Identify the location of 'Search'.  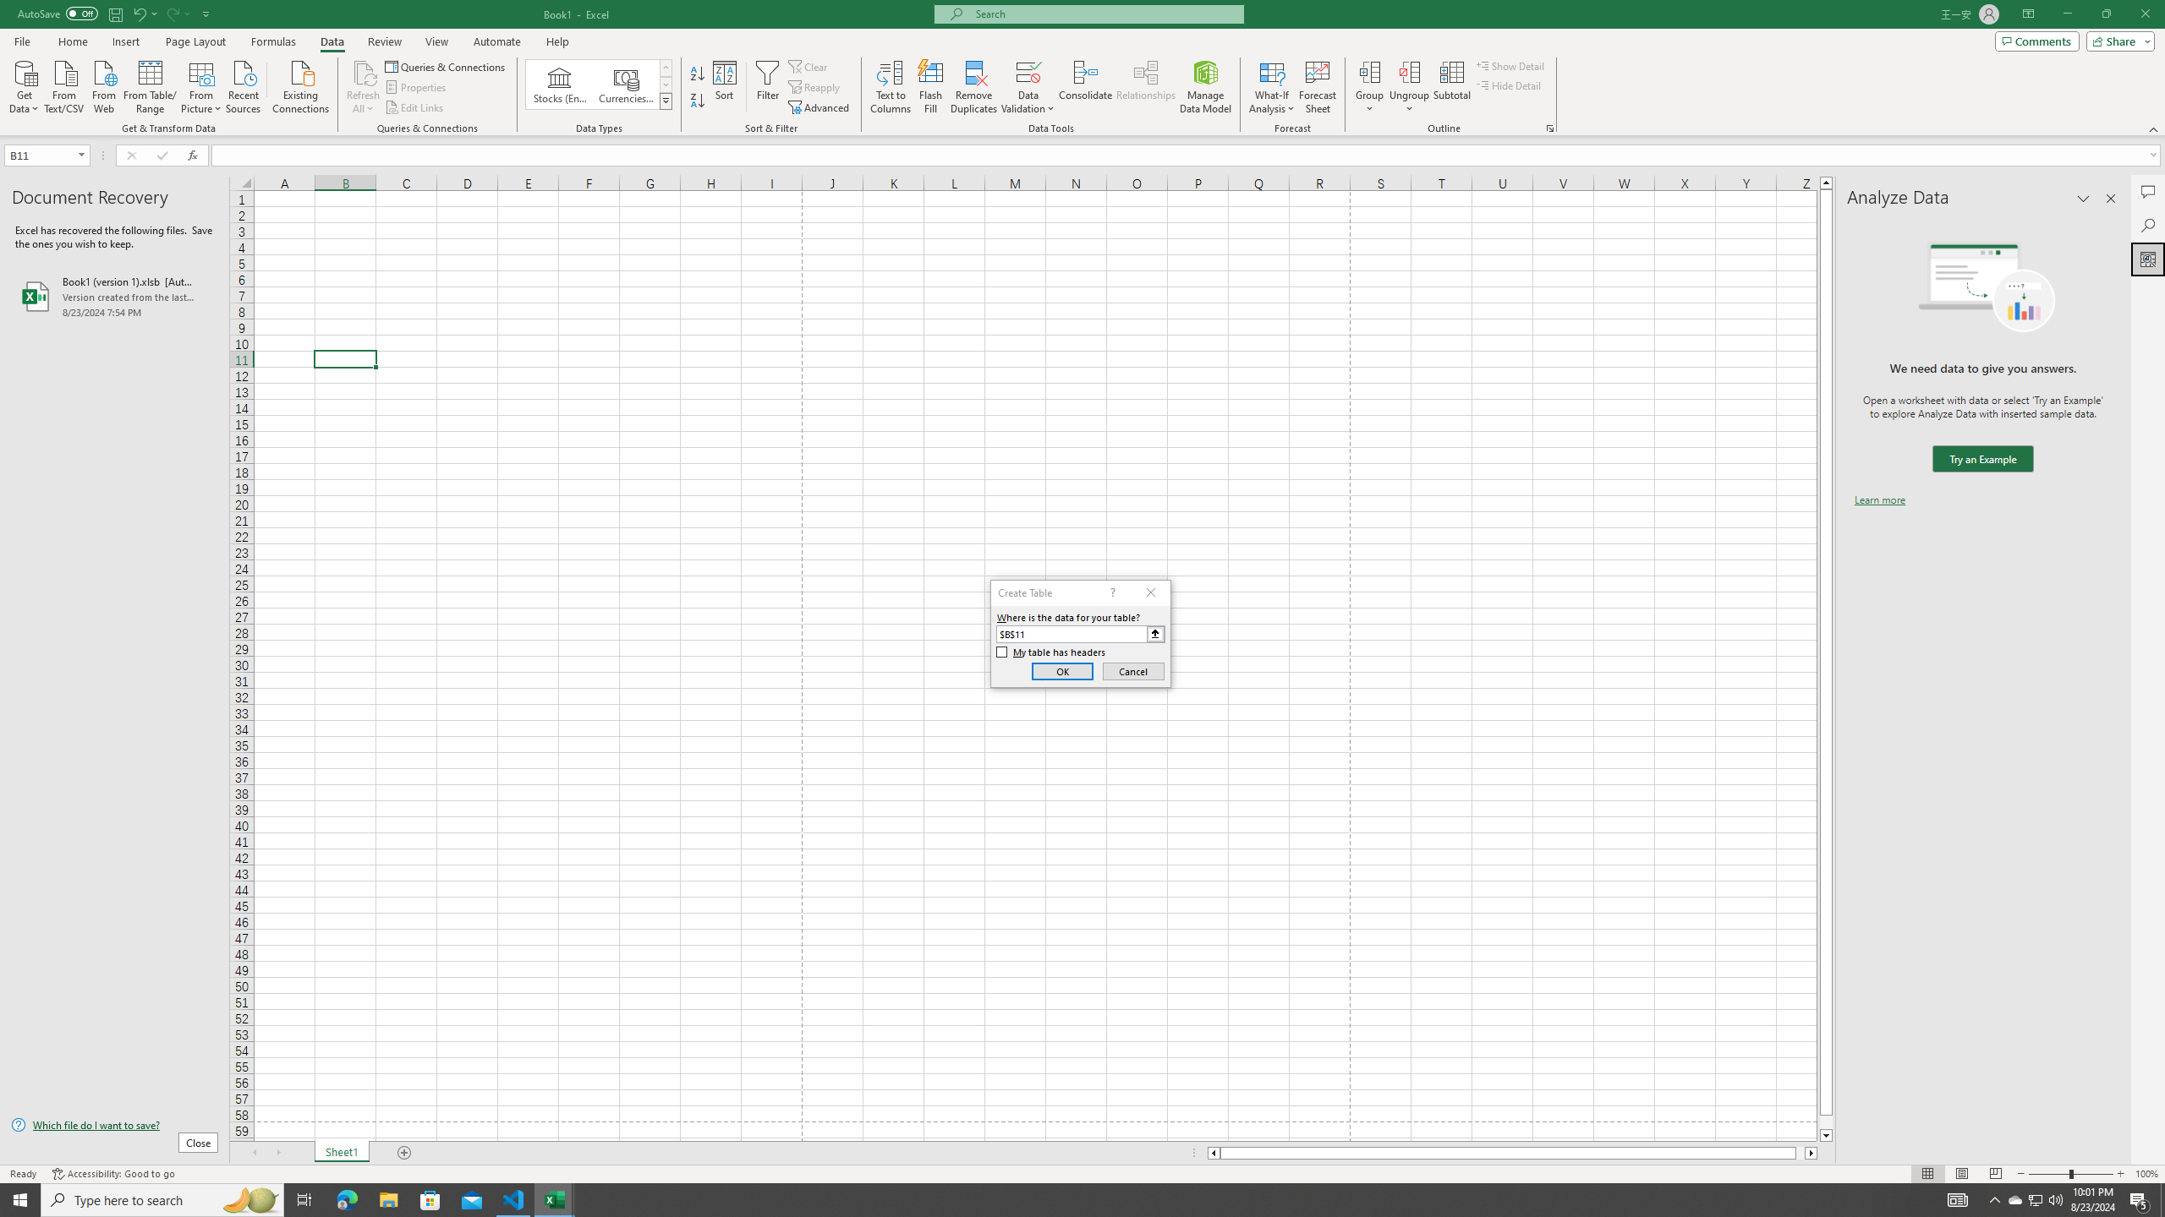
(2147, 226).